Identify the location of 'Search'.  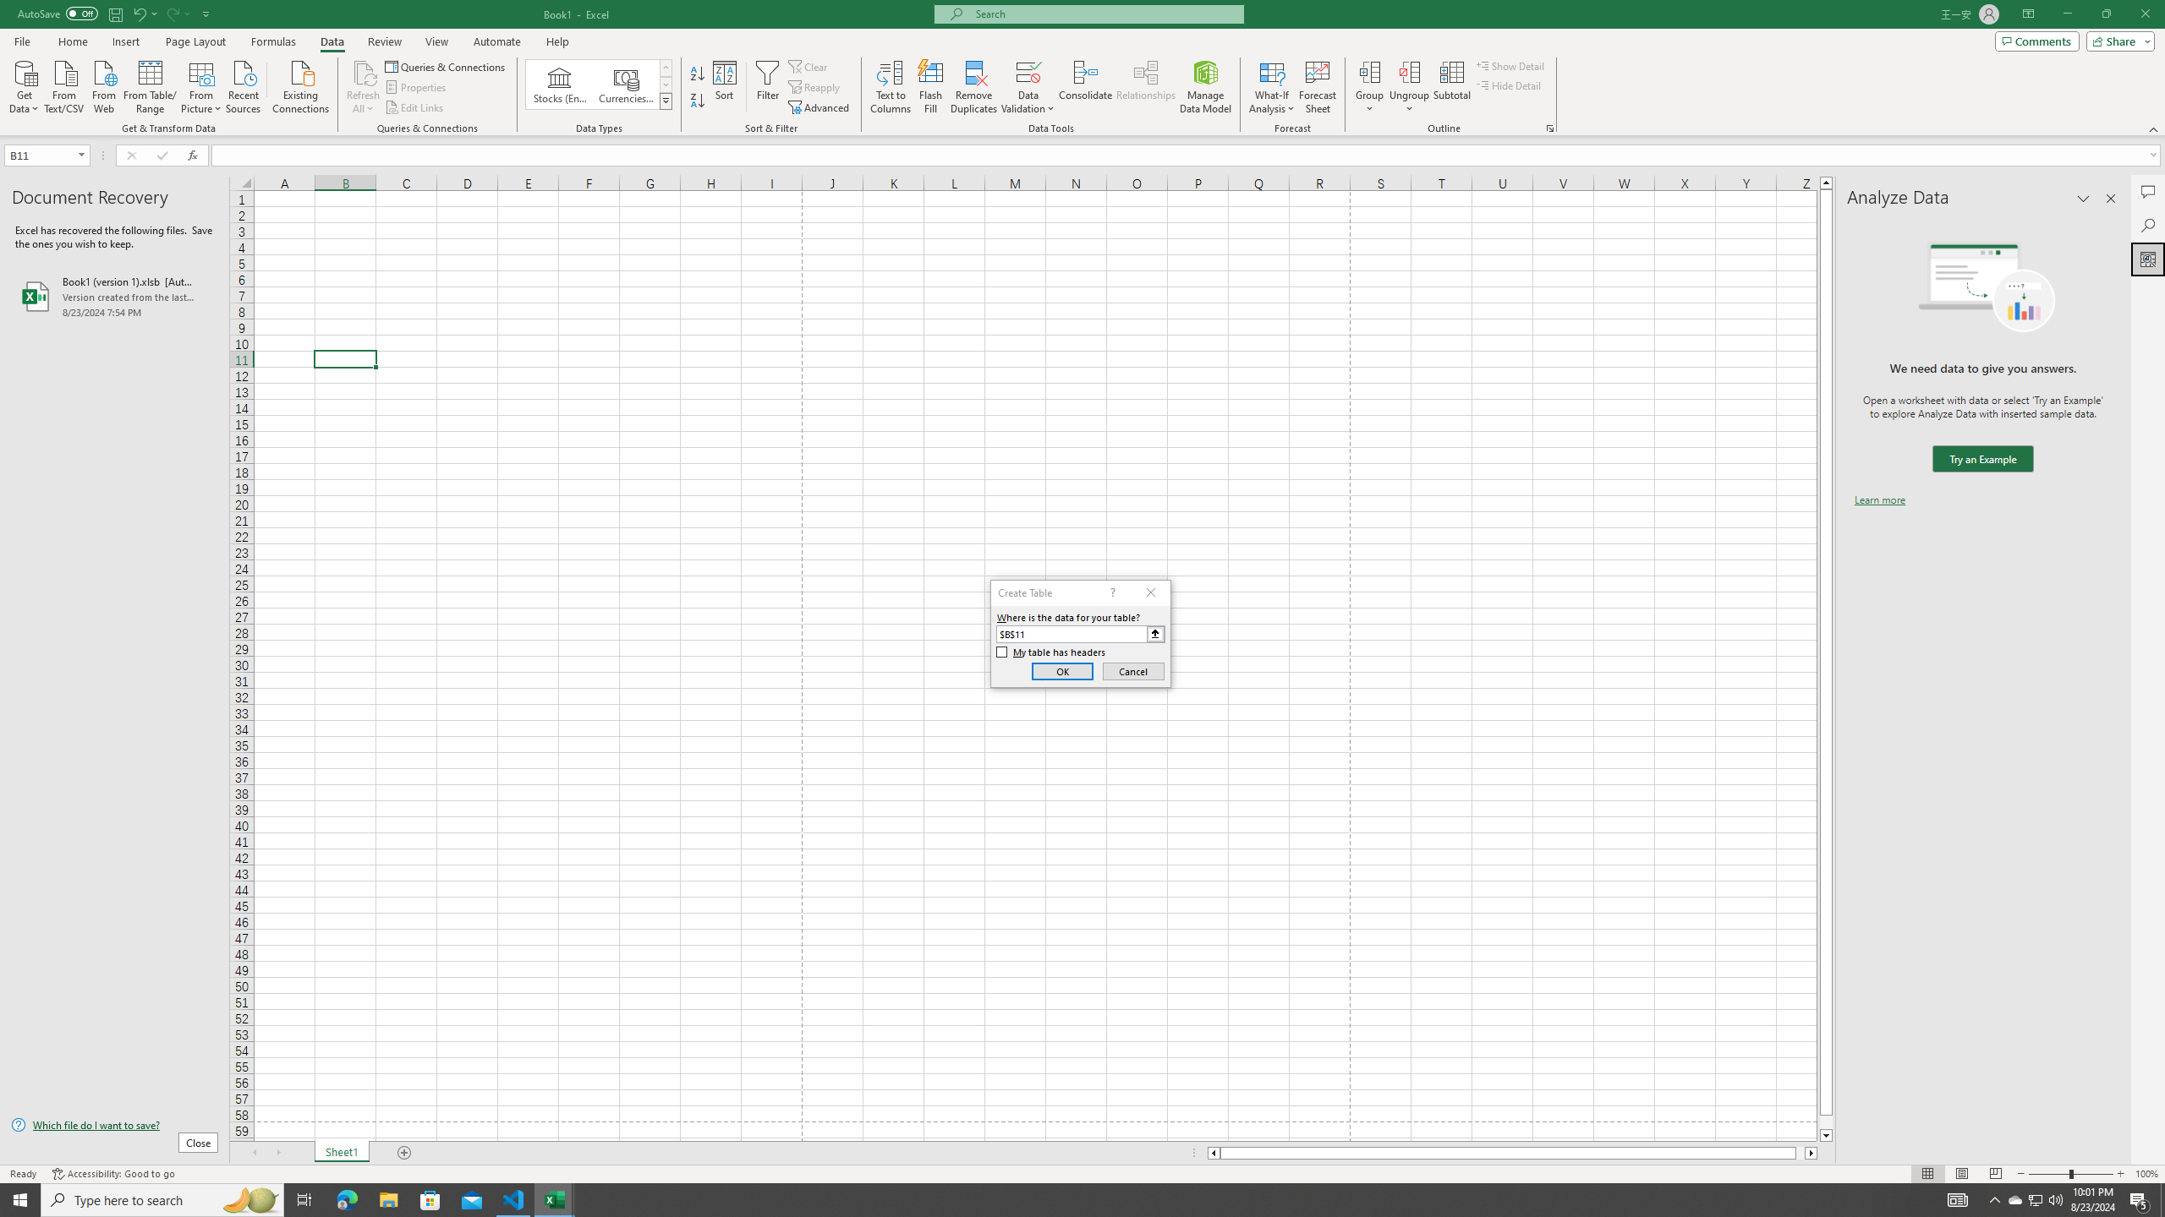
(2147, 226).